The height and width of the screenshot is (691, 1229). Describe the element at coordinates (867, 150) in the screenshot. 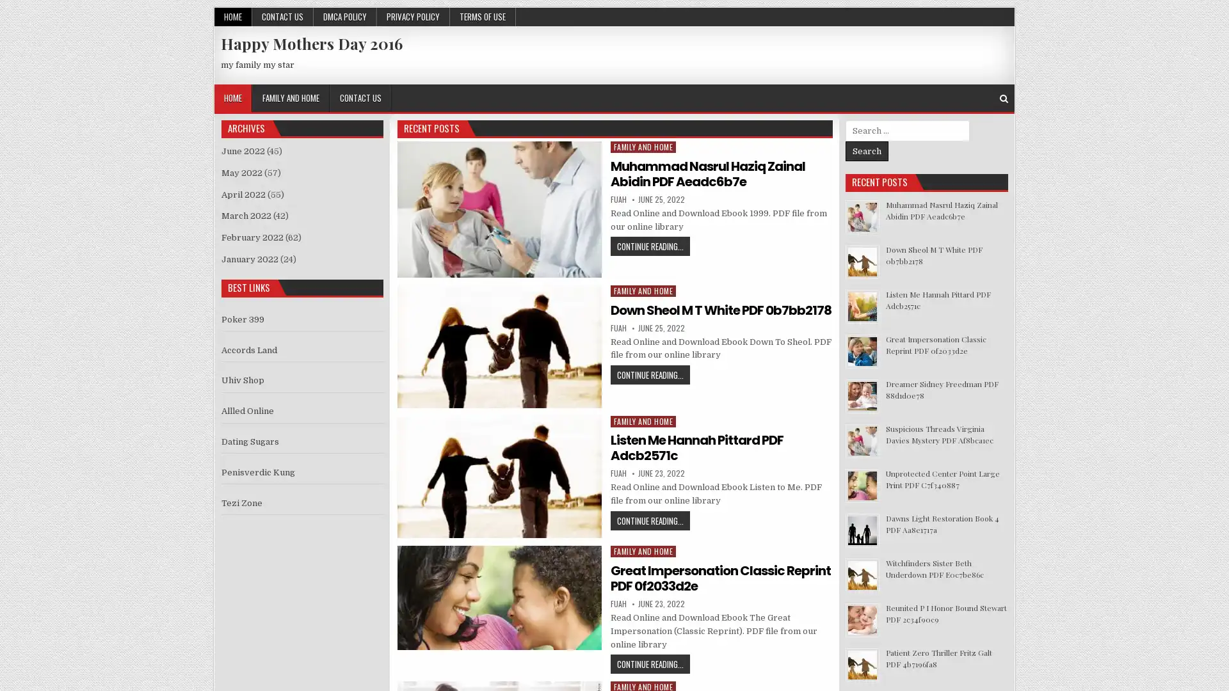

I see `Search` at that location.